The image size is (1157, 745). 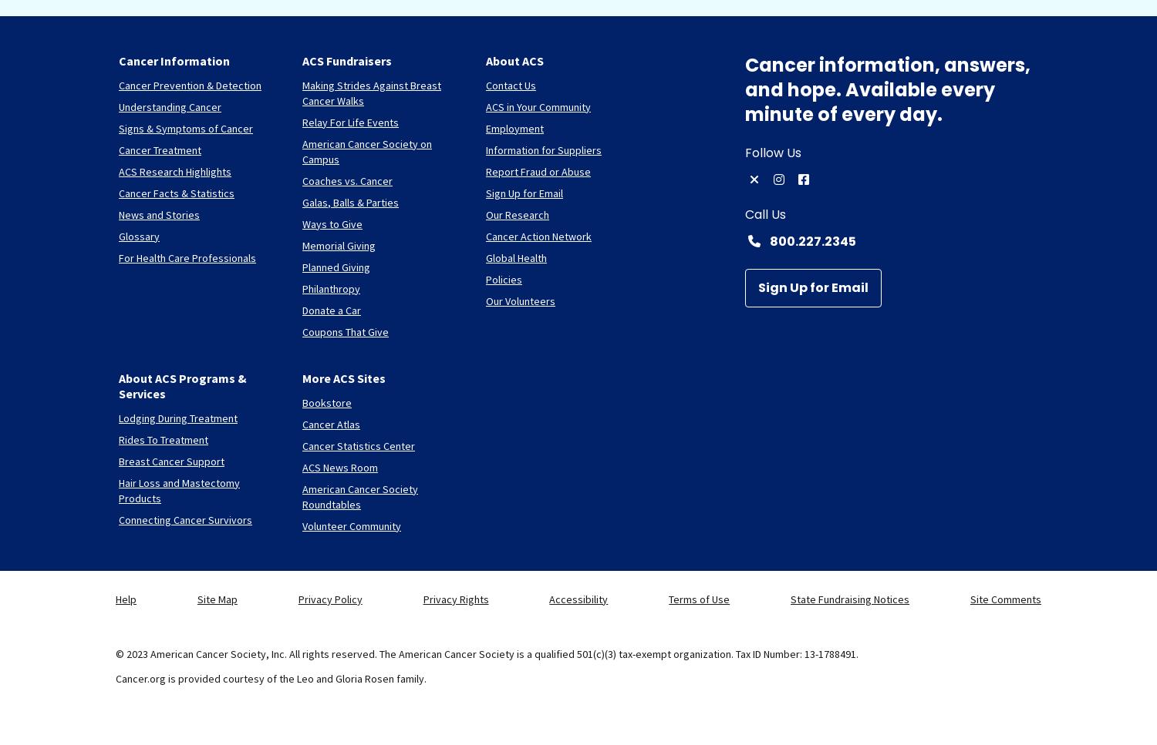 I want to click on 'Donate a Car', so click(x=330, y=309).